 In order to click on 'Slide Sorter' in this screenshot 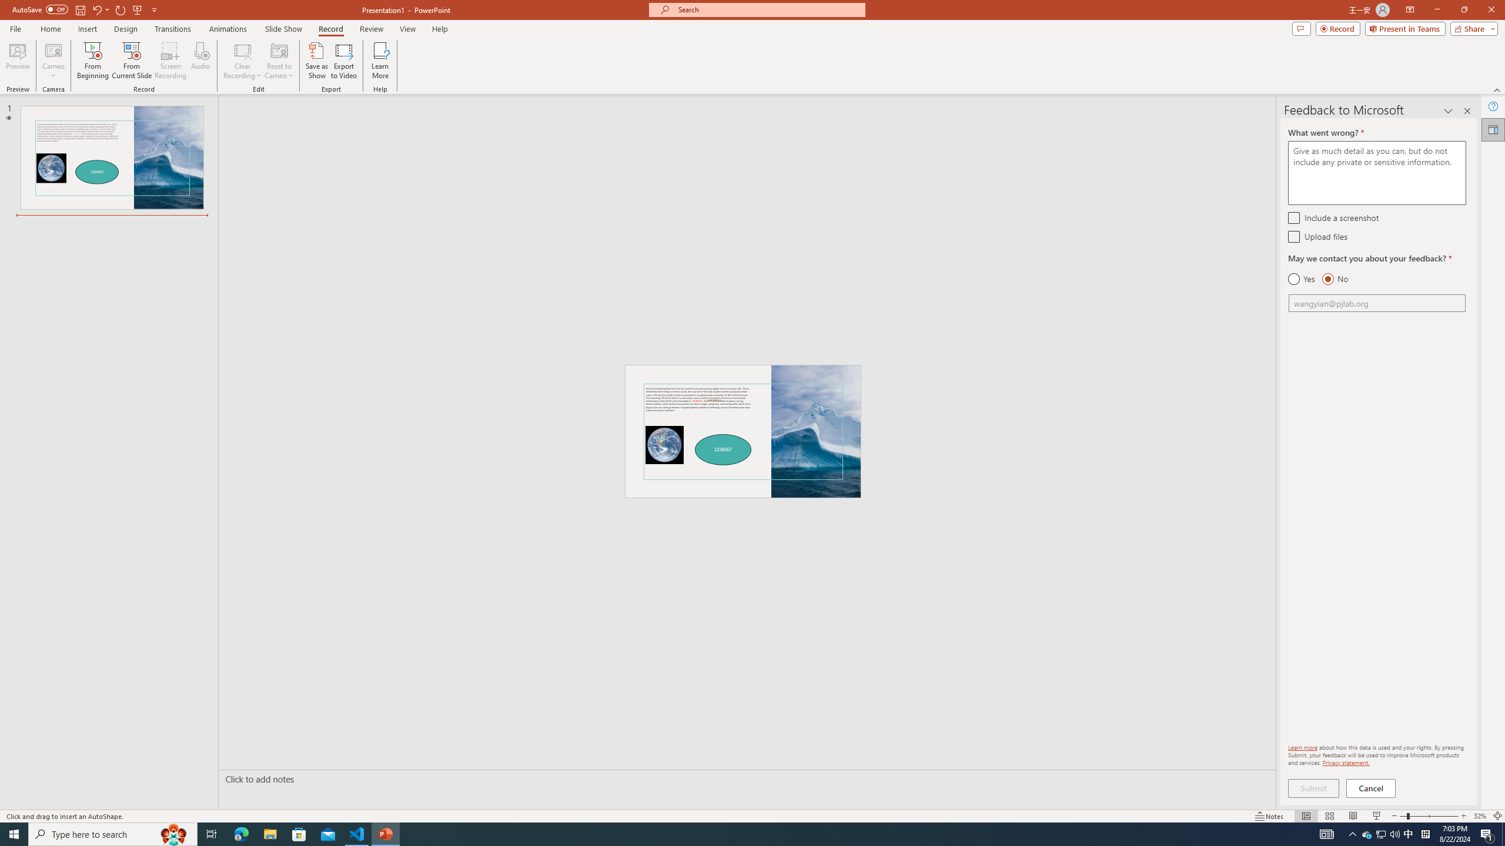, I will do `click(1329, 816)`.